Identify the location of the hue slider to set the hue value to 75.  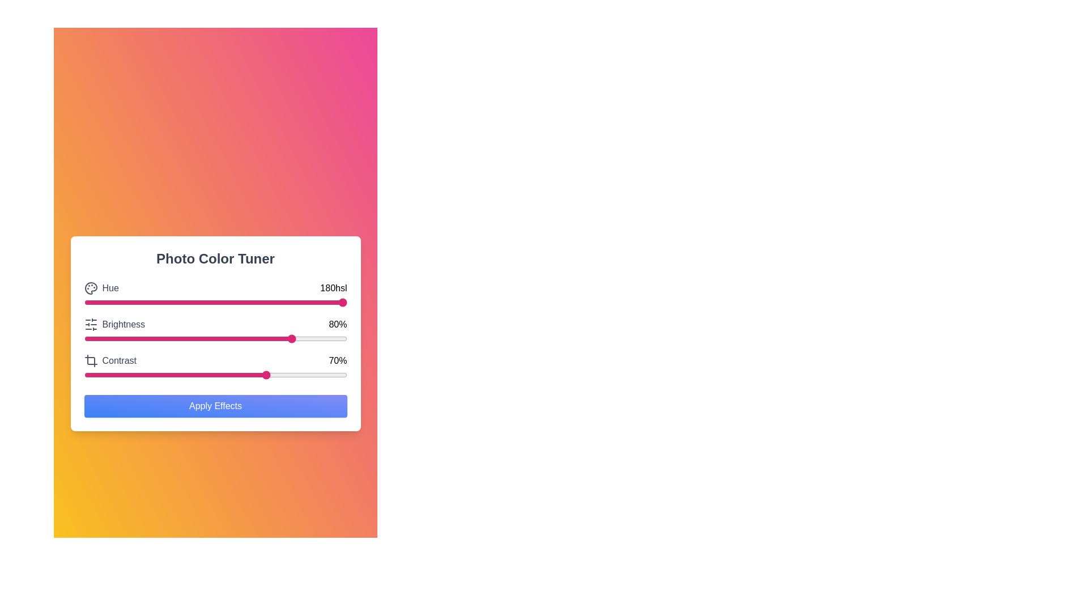
(281, 301).